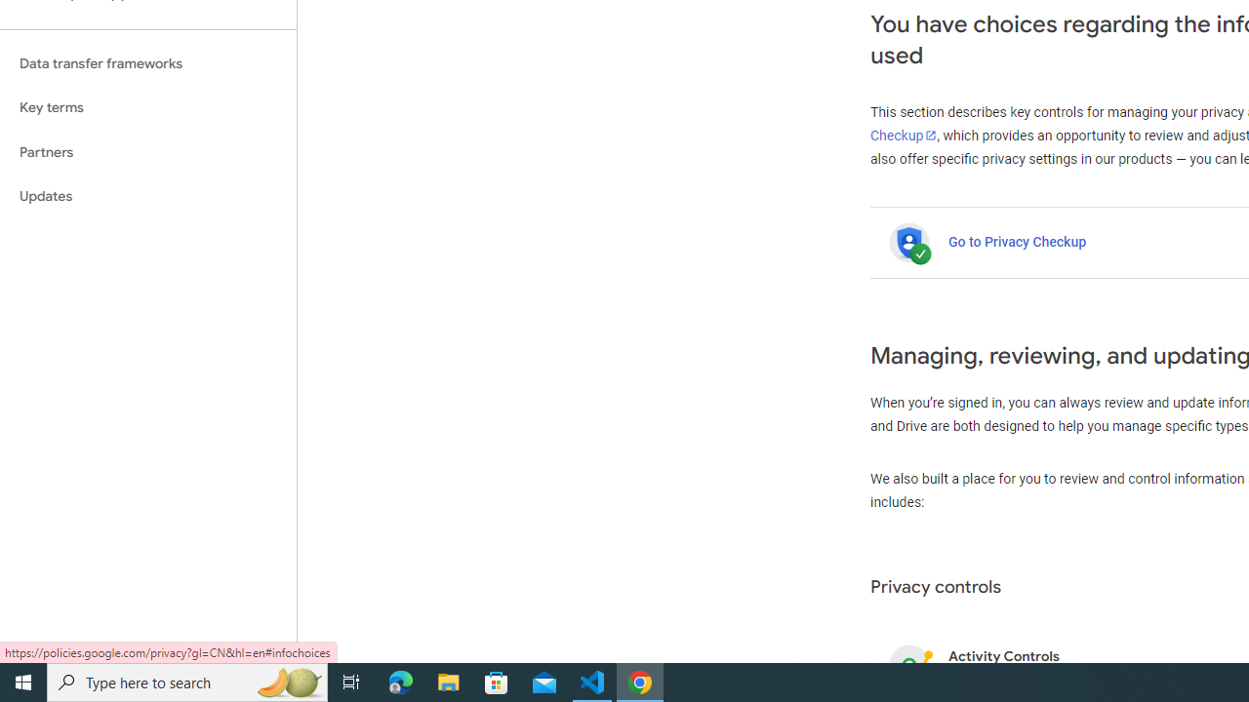 The image size is (1249, 702). I want to click on 'Key terms', so click(147, 107).